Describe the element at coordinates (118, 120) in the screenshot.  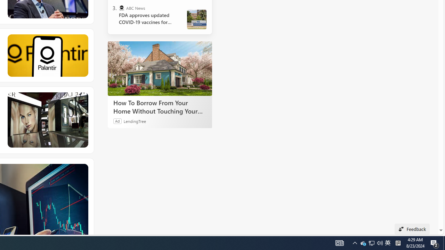
I see `'Ad'` at that location.